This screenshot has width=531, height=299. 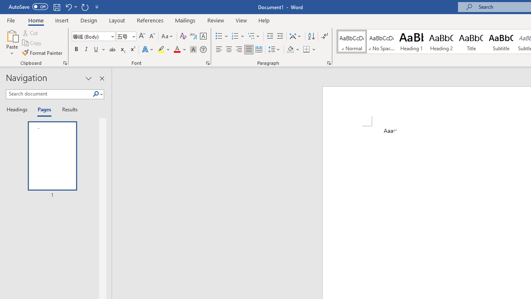 What do you see at coordinates (293, 49) in the screenshot?
I see `'Shading'` at bounding box center [293, 49].